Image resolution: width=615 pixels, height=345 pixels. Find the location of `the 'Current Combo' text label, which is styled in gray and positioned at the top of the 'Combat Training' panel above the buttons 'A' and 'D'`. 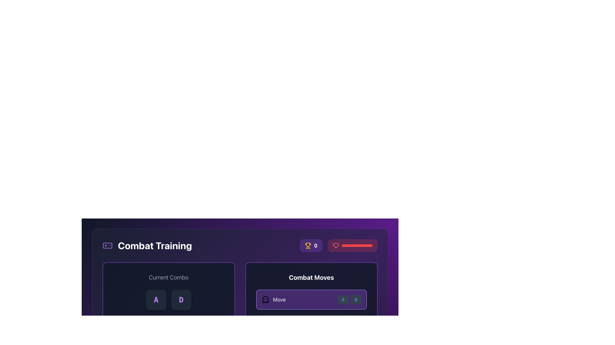

the 'Current Combo' text label, which is styled in gray and positioned at the top of the 'Combat Training' panel above the buttons 'A' and 'D' is located at coordinates (168, 277).